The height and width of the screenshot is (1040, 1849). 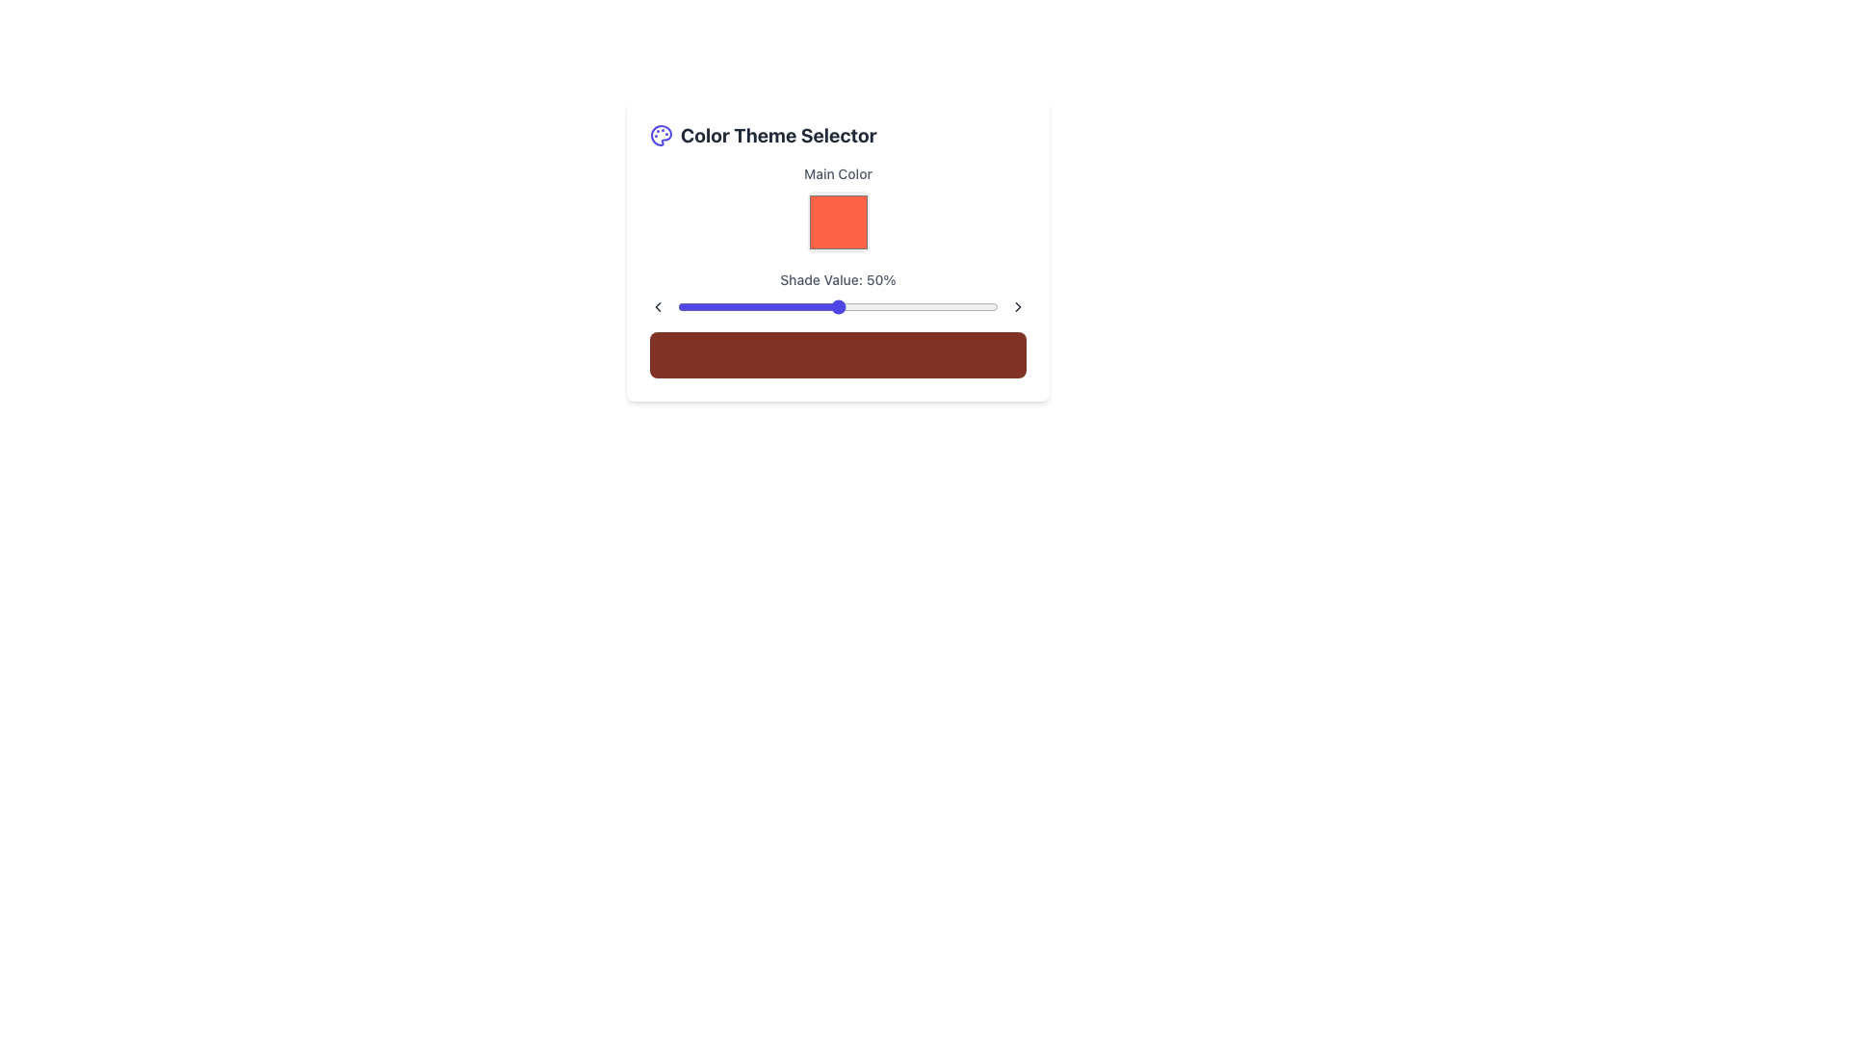 What do you see at coordinates (712, 306) in the screenshot?
I see `the shade value` at bounding box center [712, 306].